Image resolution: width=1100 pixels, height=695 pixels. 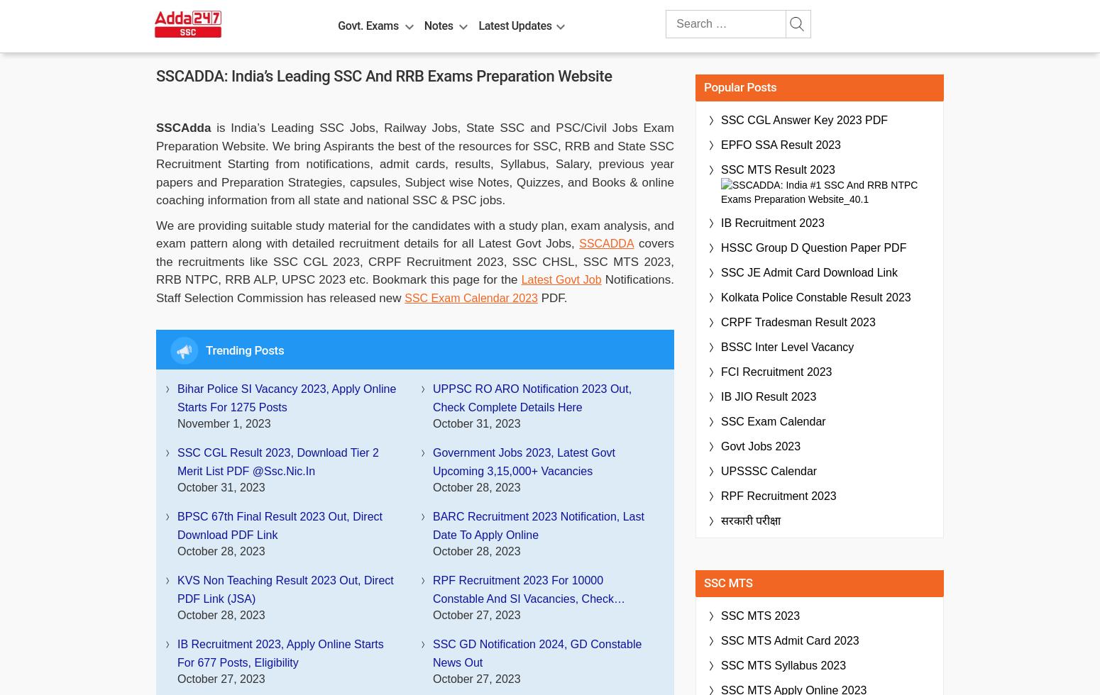 What do you see at coordinates (771, 223) in the screenshot?
I see `'IB Recruitment 2023'` at bounding box center [771, 223].